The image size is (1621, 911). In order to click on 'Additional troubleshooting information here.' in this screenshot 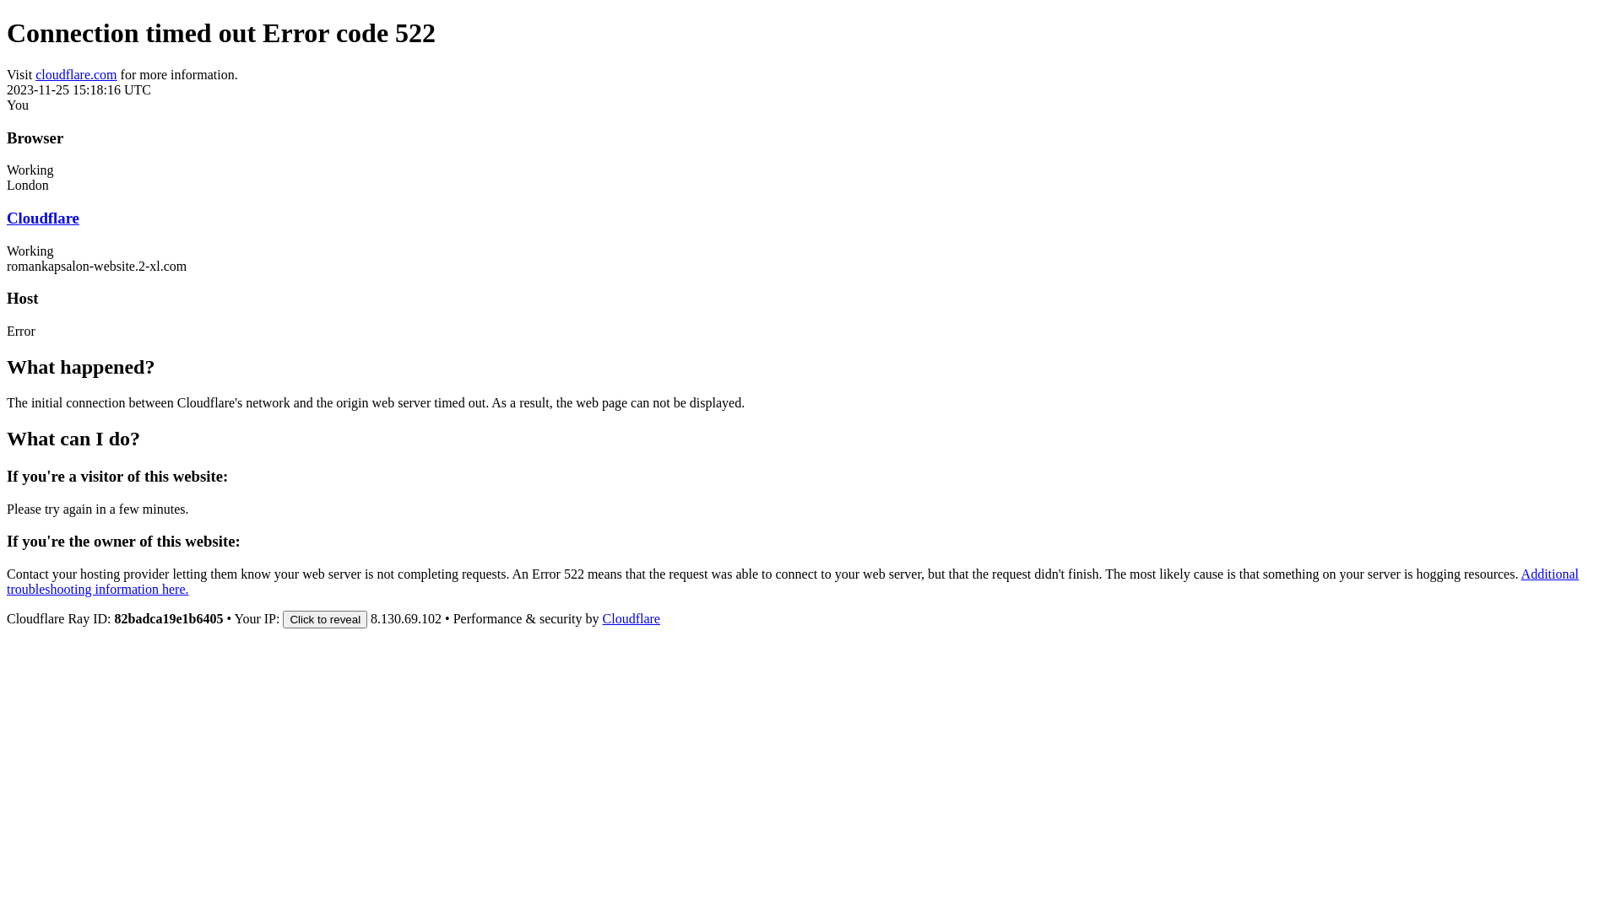, I will do `click(792, 580)`.